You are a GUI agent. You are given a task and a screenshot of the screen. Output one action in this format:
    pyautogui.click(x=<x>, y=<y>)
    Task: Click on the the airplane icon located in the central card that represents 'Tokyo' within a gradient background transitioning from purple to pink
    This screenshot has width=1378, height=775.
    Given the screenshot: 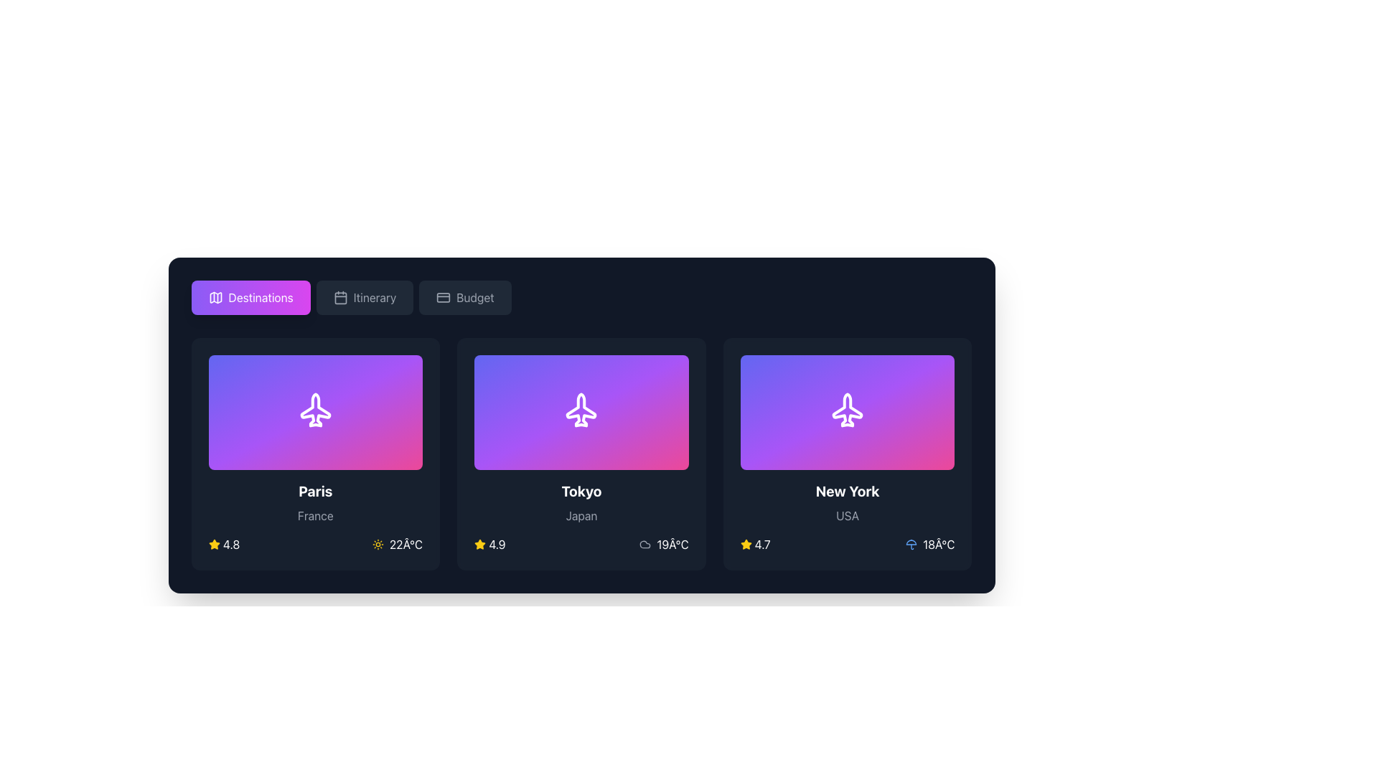 What is the action you would take?
    pyautogui.click(x=581, y=412)
    